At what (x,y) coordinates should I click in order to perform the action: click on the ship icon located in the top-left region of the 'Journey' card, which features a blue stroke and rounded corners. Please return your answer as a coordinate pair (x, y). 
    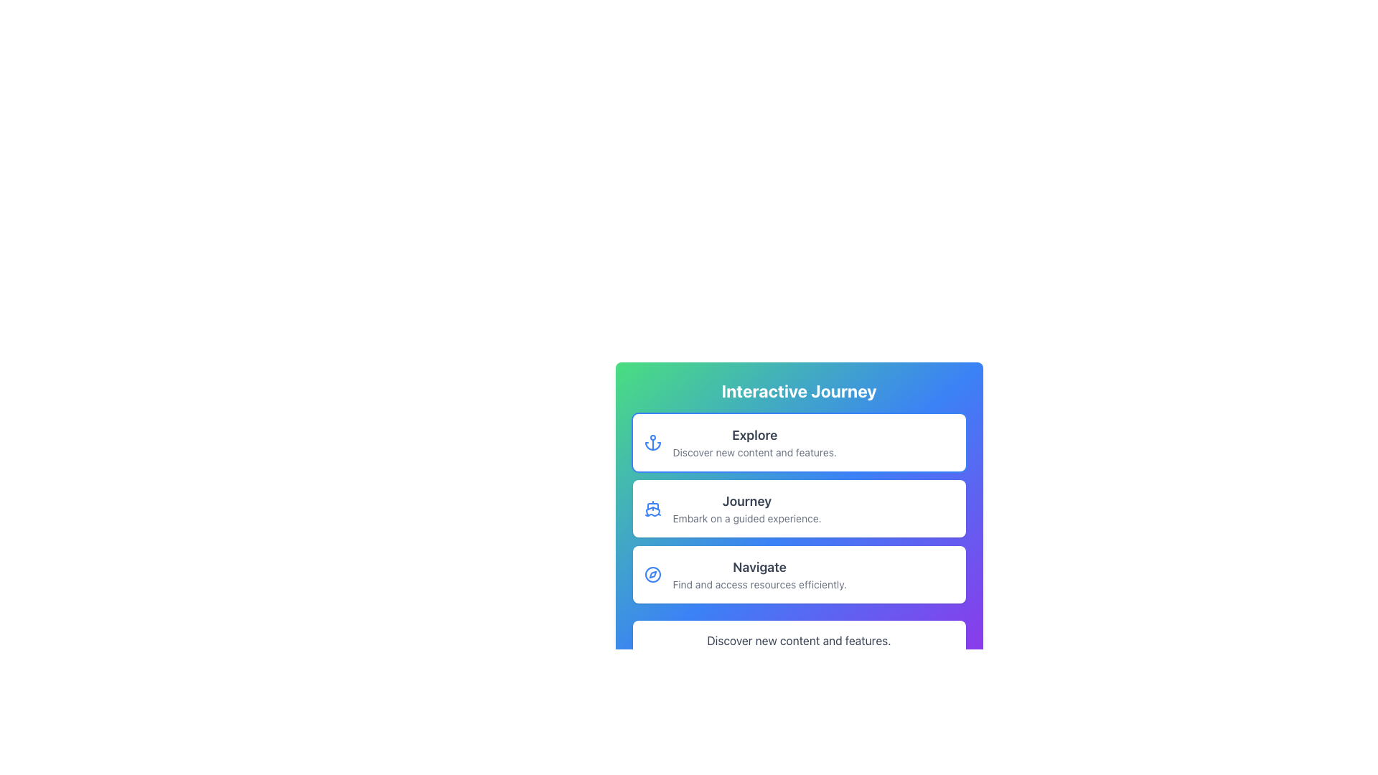
    Looking at the image, I should click on (652, 508).